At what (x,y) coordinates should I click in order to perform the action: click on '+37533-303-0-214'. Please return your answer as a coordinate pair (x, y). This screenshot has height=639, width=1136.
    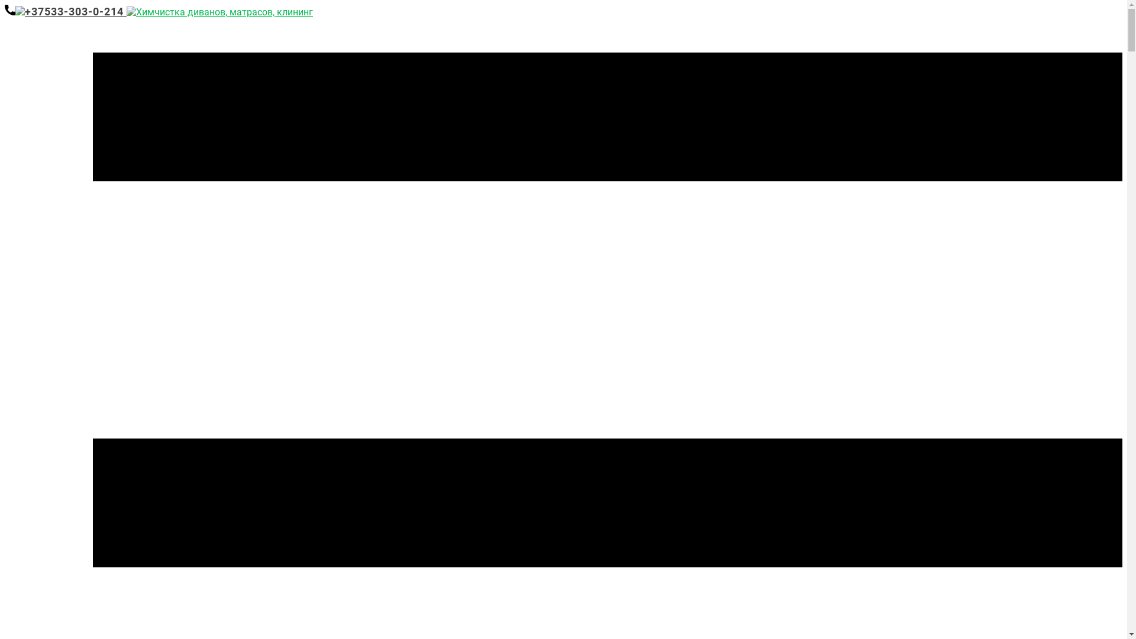
    Looking at the image, I should click on (64, 11).